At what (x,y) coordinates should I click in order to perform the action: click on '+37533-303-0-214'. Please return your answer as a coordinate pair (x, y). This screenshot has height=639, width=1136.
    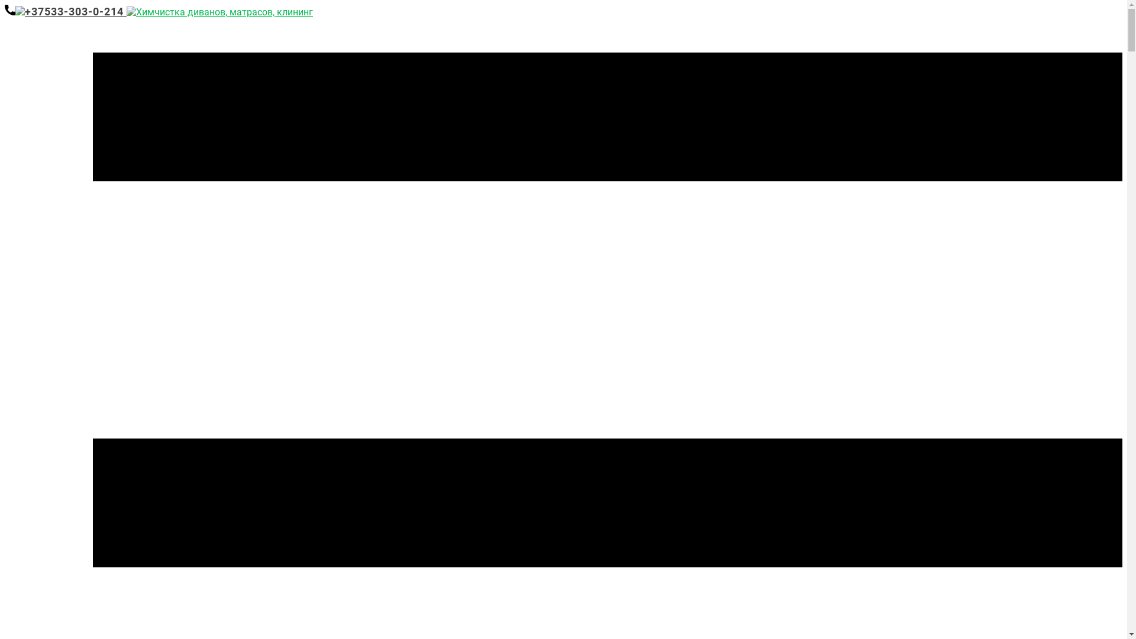
    Looking at the image, I should click on (64, 11).